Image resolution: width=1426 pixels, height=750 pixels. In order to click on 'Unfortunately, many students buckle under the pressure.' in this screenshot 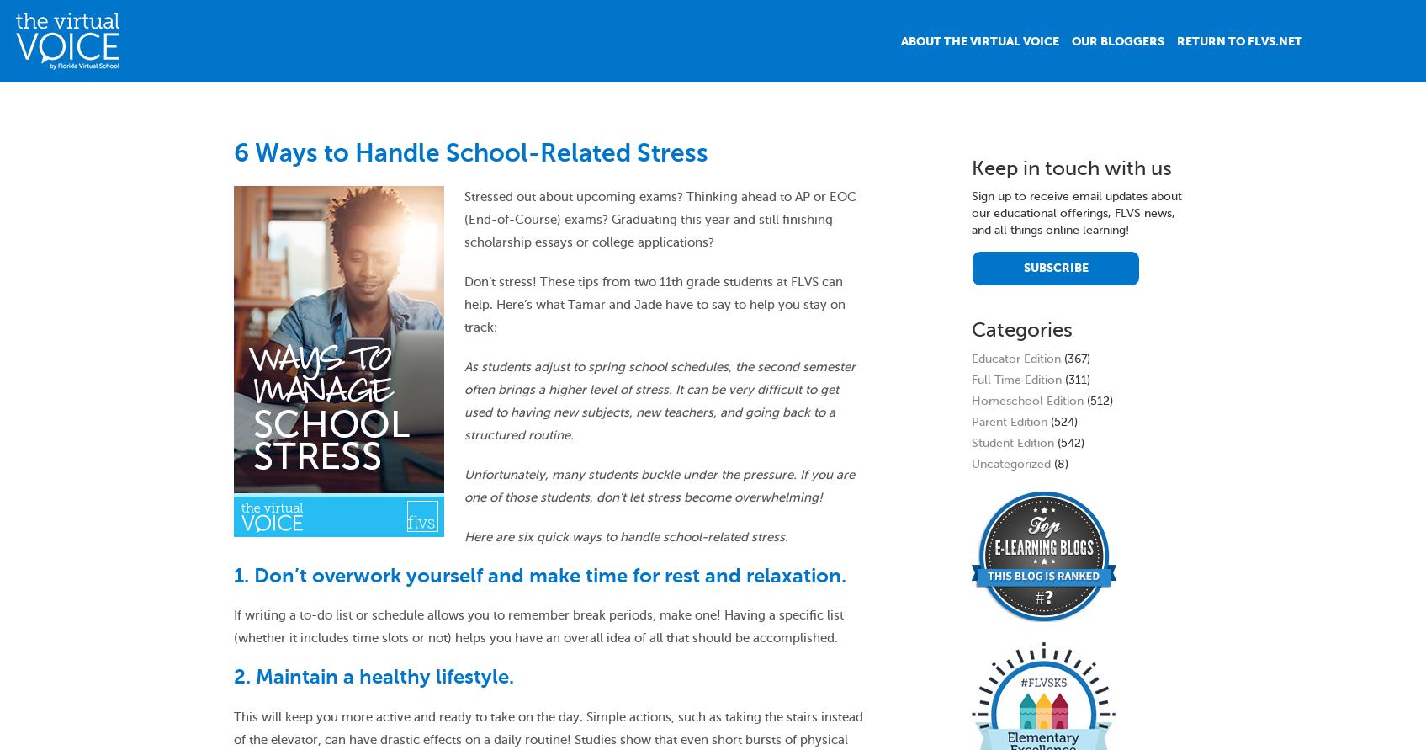, I will do `click(630, 475)`.